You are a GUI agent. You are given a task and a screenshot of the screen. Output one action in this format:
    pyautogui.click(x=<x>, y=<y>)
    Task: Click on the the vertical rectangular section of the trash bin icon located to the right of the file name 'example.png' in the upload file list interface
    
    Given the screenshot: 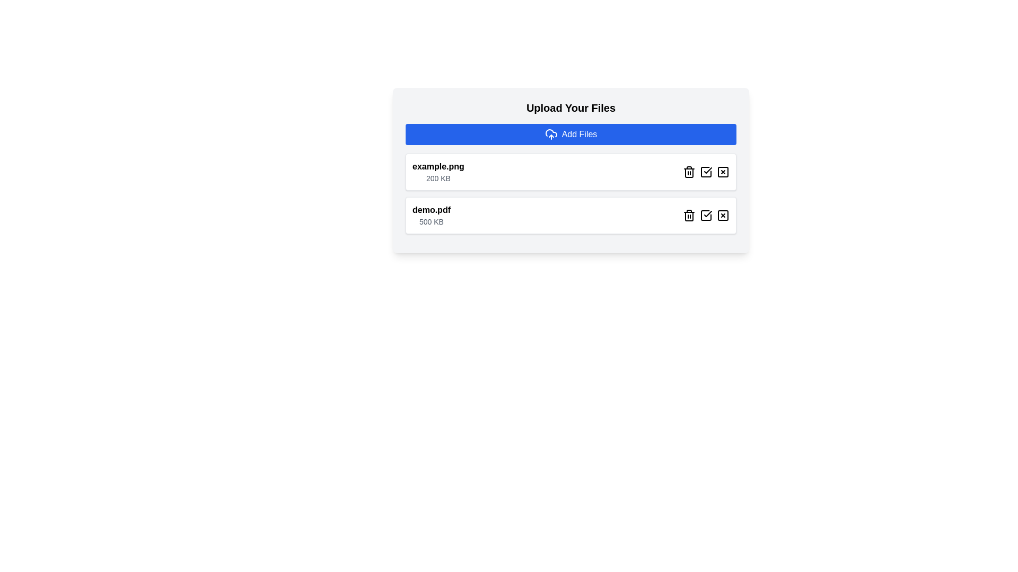 What is the action you would take?
    pyautogui.click(x=689, y=173)
    